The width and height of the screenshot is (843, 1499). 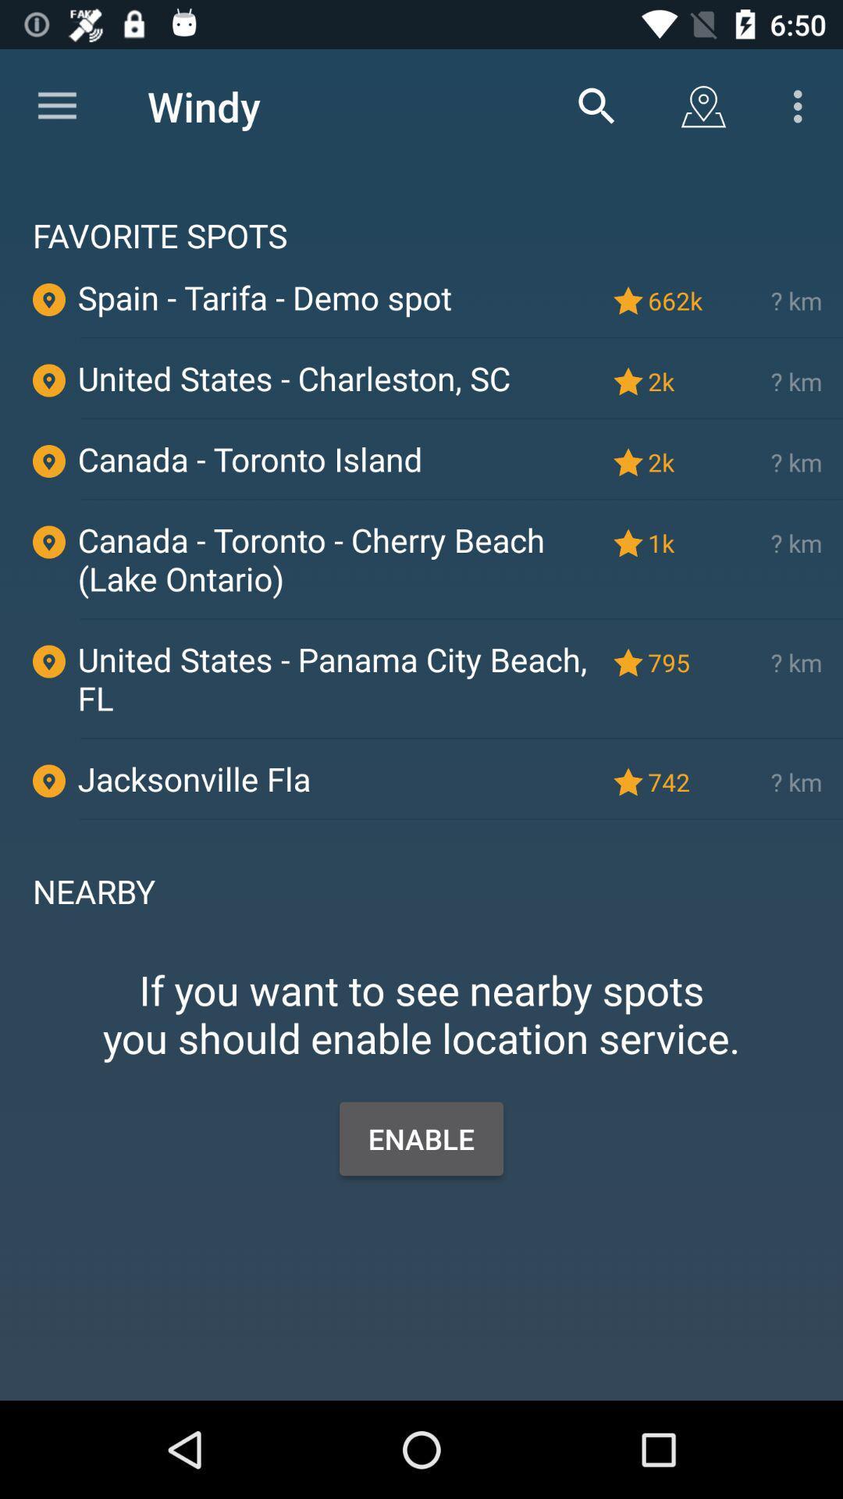 What do you see at coordinates (596, 105) in the screenshot?
I see `the item above favorite spots icon` at bounding box center [596, 105].